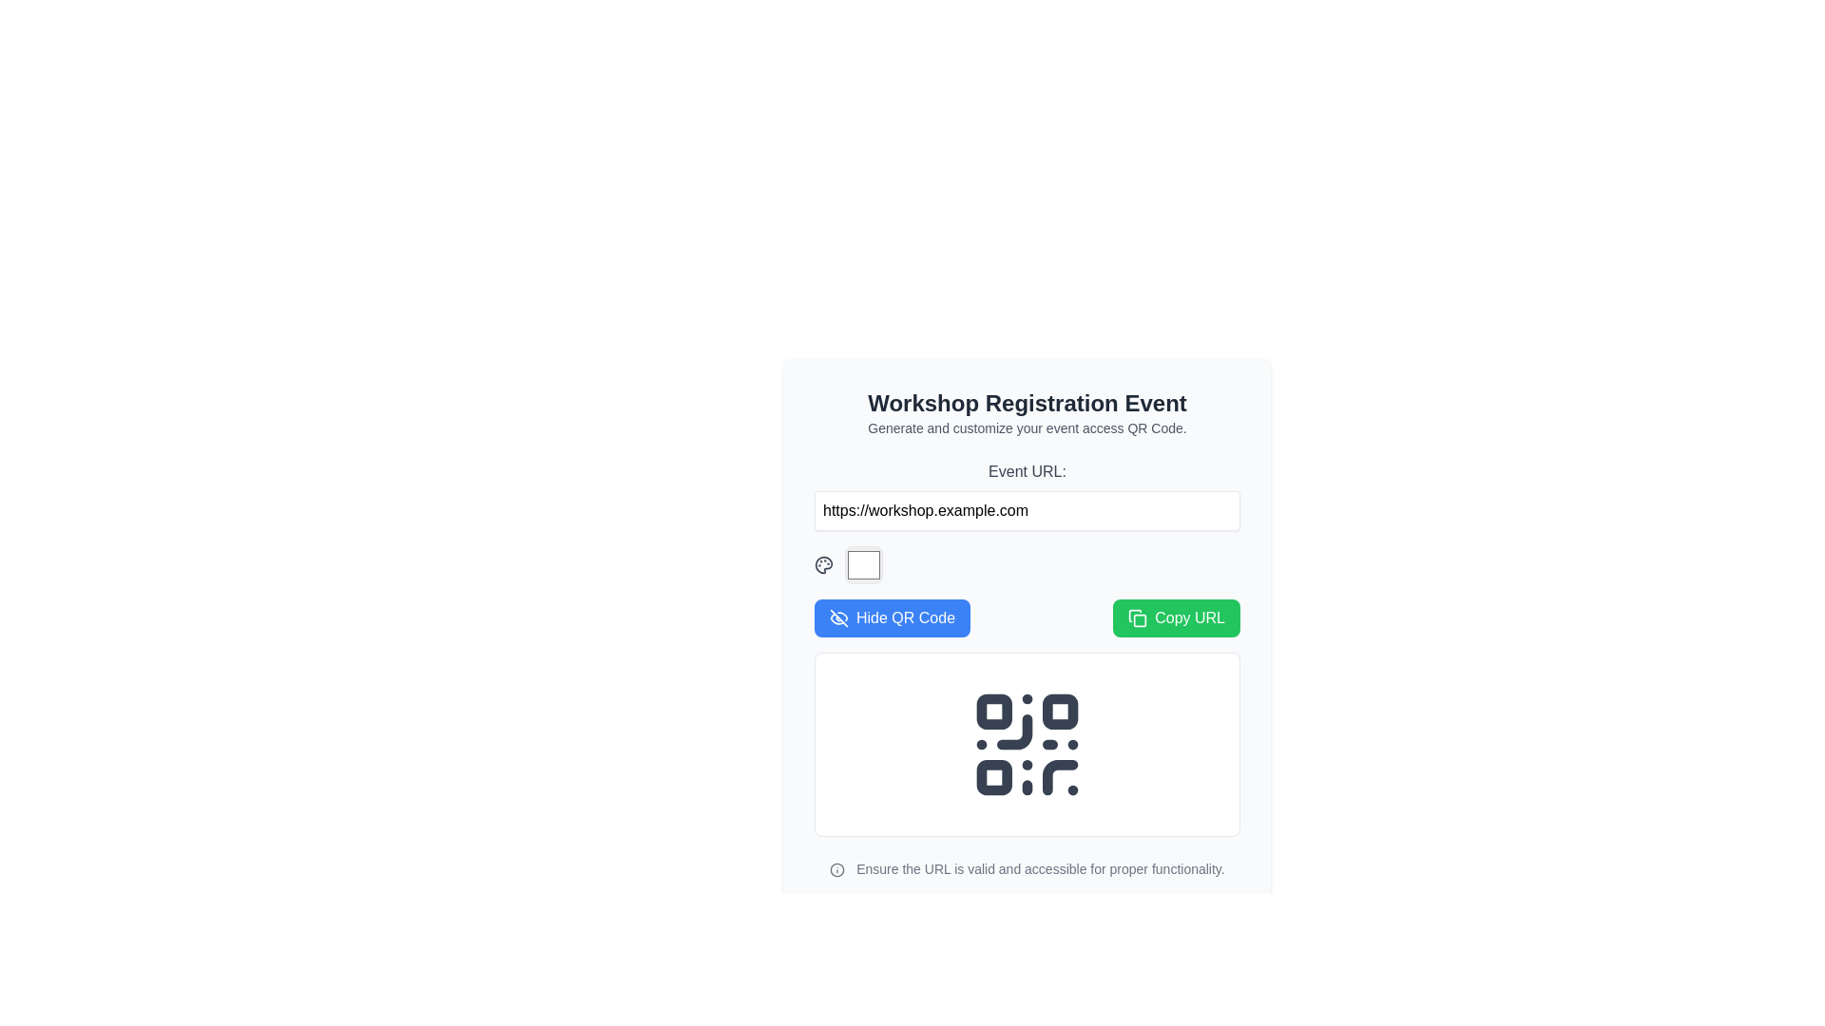 The height and width of the screenshot is (1026, 1825). Describe the element at coordinates (1135, 616) in the screenshot. I see `the vector graphic element located in the center-right section of the interface, which is part of a grouped SVG icon representing an action icon` at that location.